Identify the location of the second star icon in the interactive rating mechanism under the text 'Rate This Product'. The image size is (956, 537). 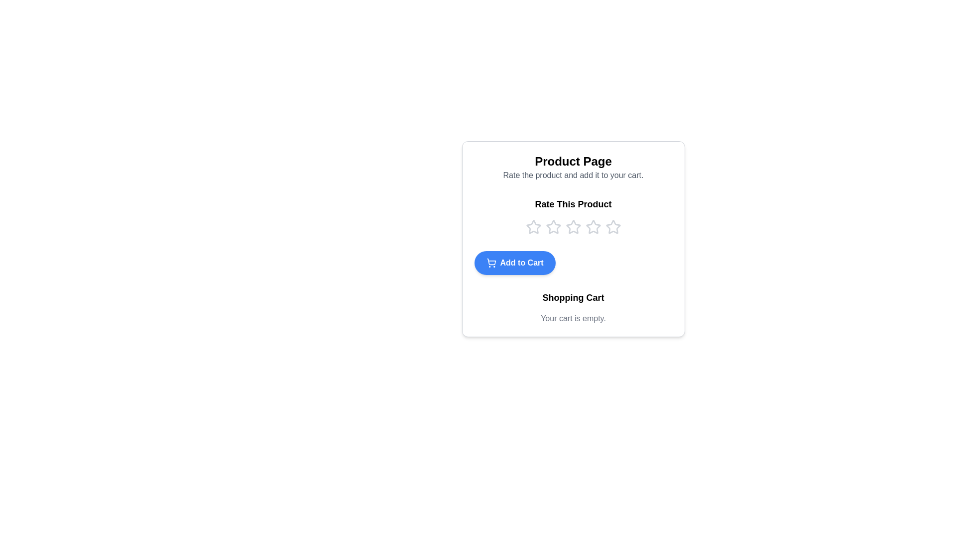
(553, 227).